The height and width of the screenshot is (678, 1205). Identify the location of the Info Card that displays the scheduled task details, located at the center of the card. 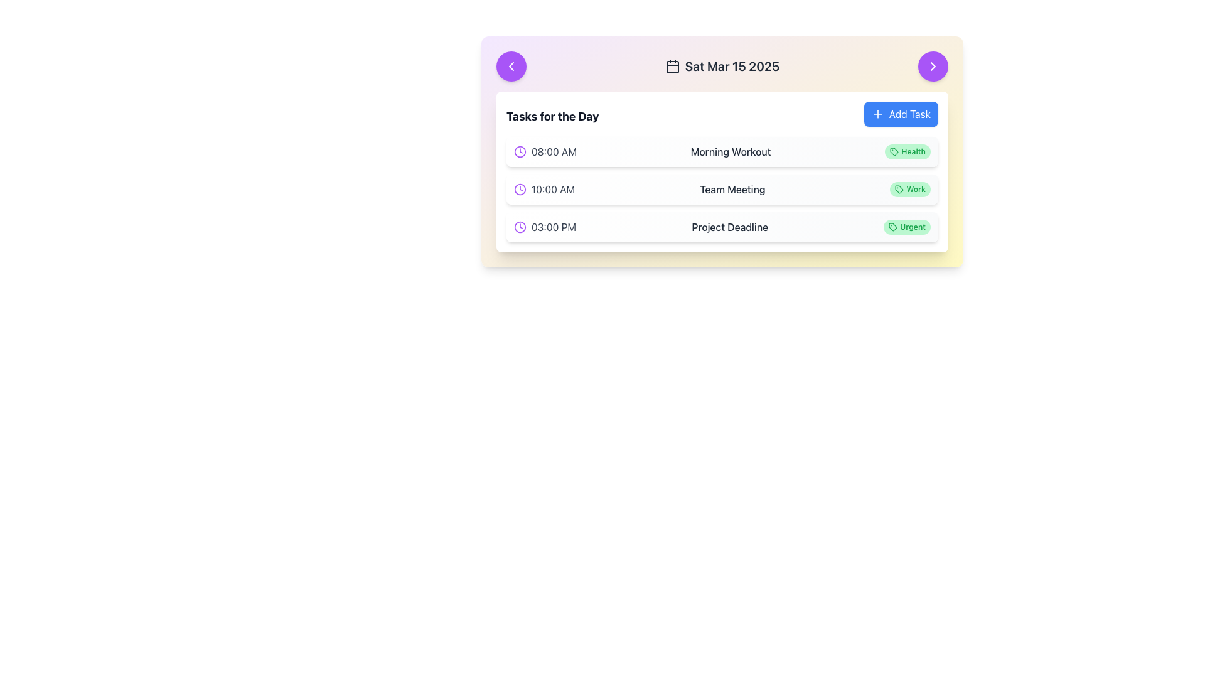
(722, 151).